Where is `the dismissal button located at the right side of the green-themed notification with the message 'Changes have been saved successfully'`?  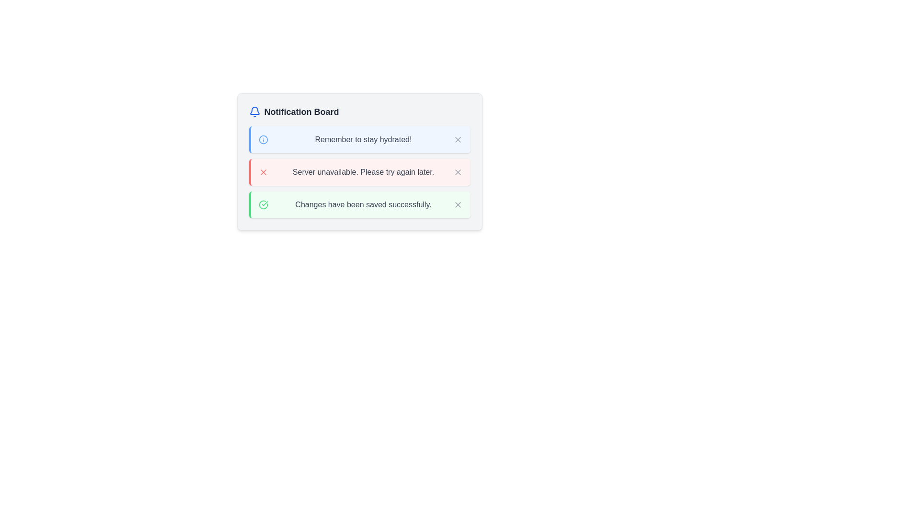 the dismissal button located at the right side of the green-themed notification with the message 'Changes have been saved successfully' is located at coordinates (457, 204).